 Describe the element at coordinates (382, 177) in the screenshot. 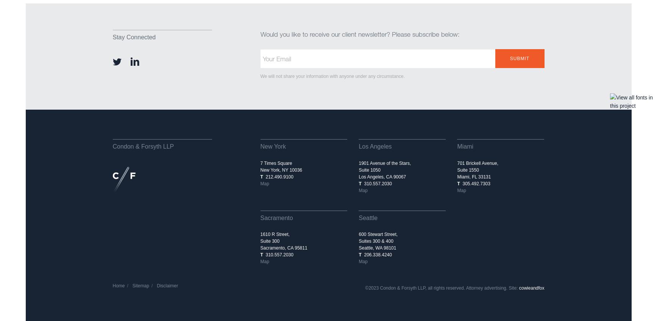

I see `'Los Angeles, CA 90067'` at that location.